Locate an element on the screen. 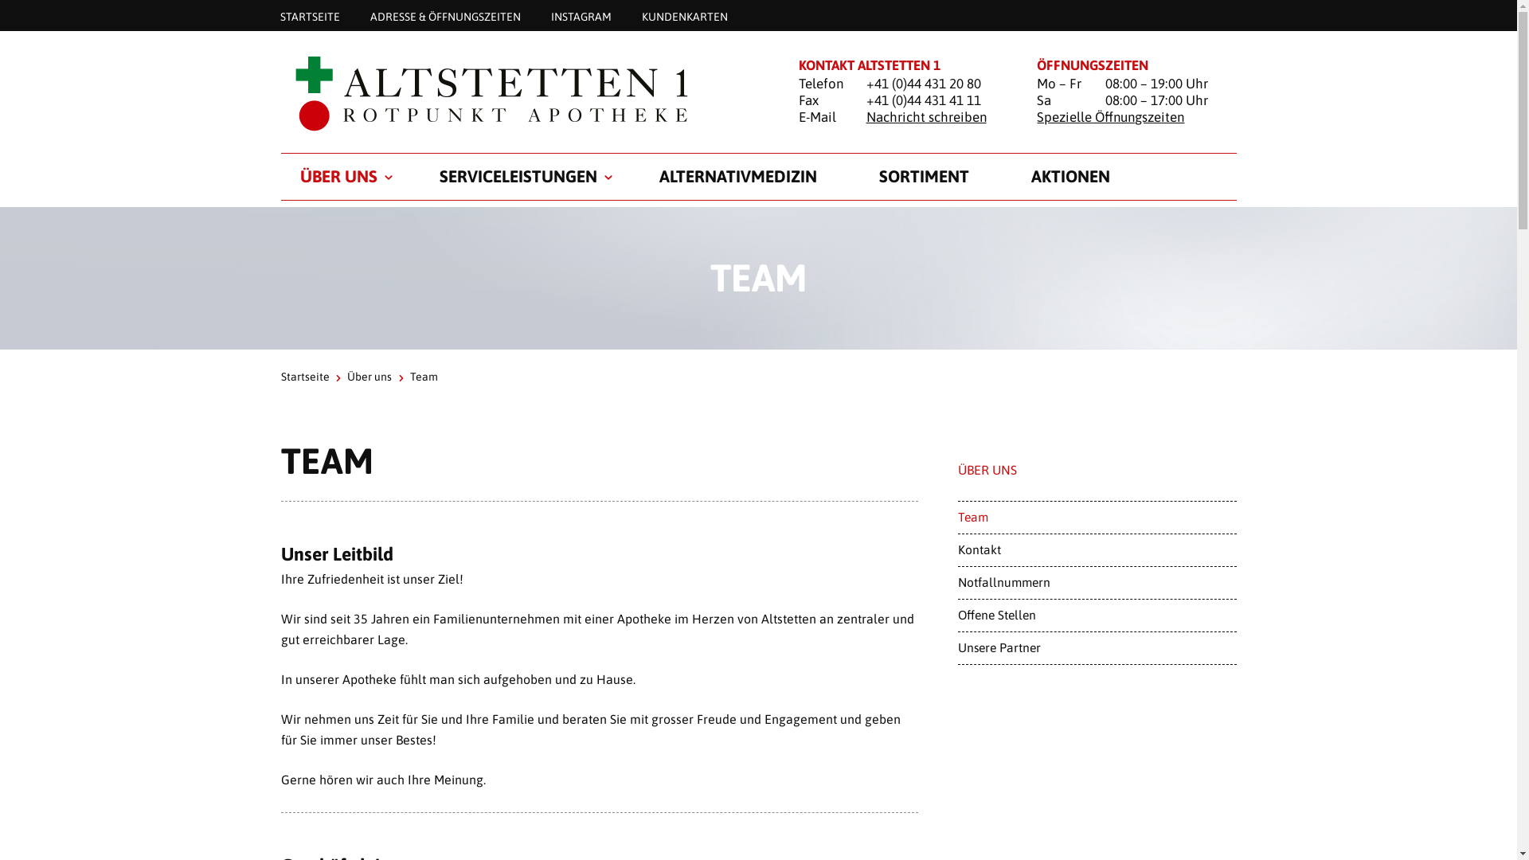  'STARTSEITE' is located at coordinates (309, 16).